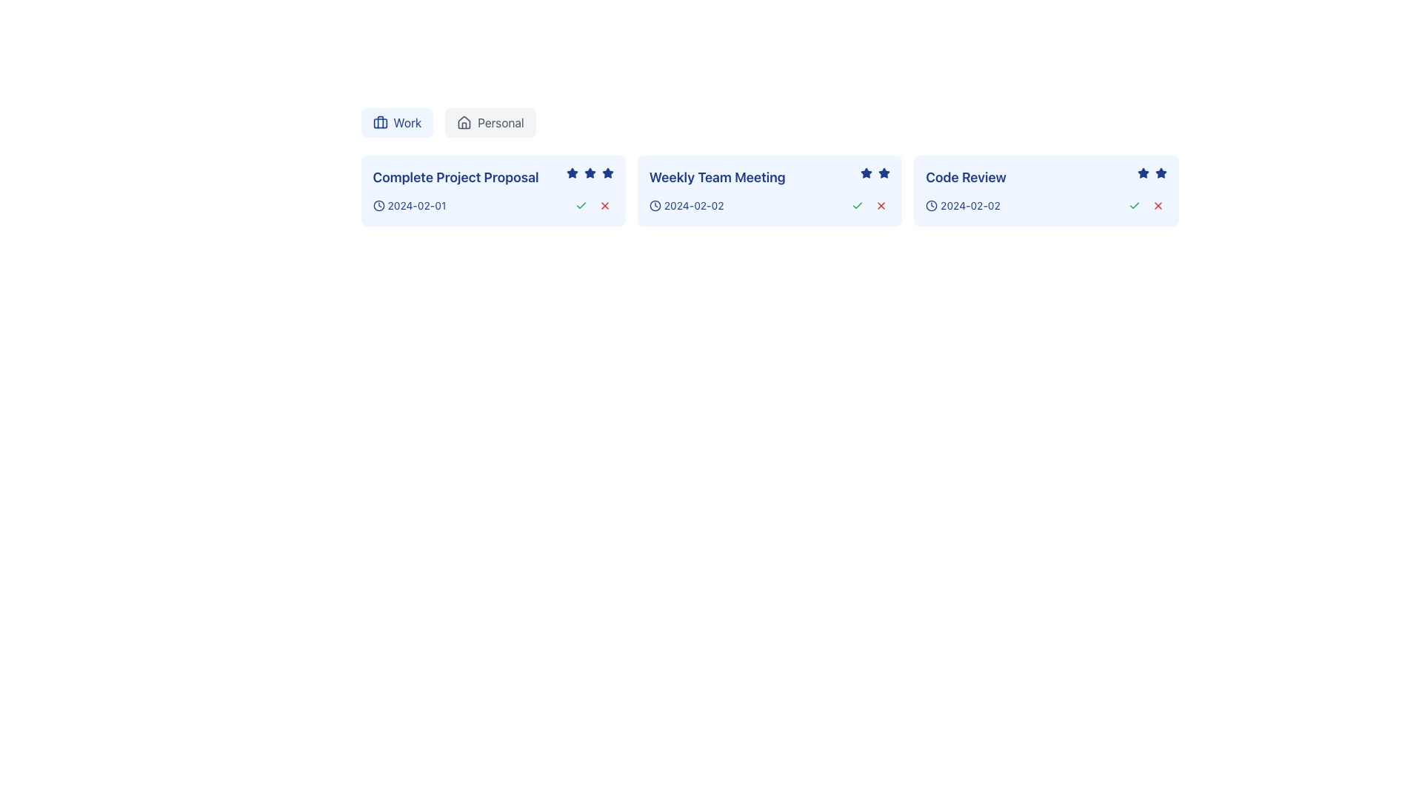 The image size is (1422, 800). What do you see at coordinates (589, 173) in the screenshot?
I see `the third star-shaped icon in the group of five` at bounding box center [589, 173].